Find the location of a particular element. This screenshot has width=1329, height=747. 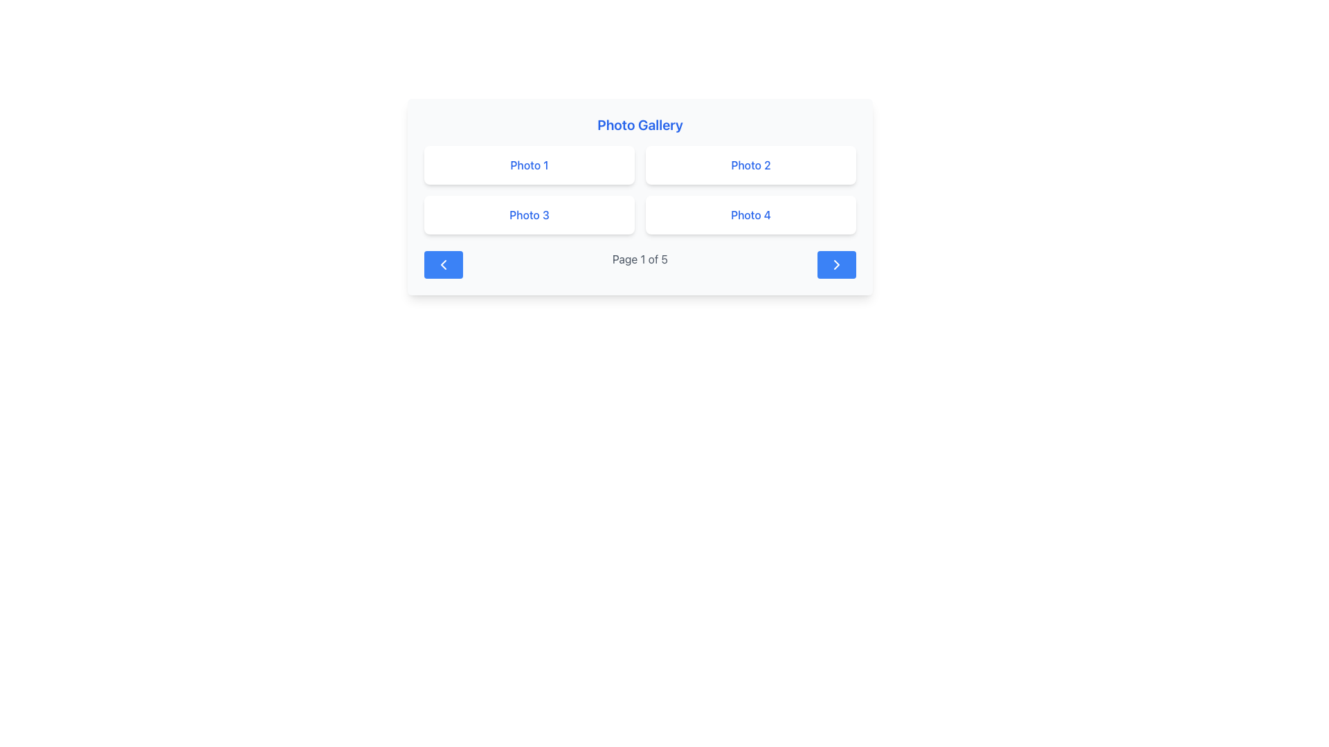

the right-facing chevron icon that is integrated into the blue square button on the pagination control bar, located on the far right-hand side is located at coordinates (836, 264).